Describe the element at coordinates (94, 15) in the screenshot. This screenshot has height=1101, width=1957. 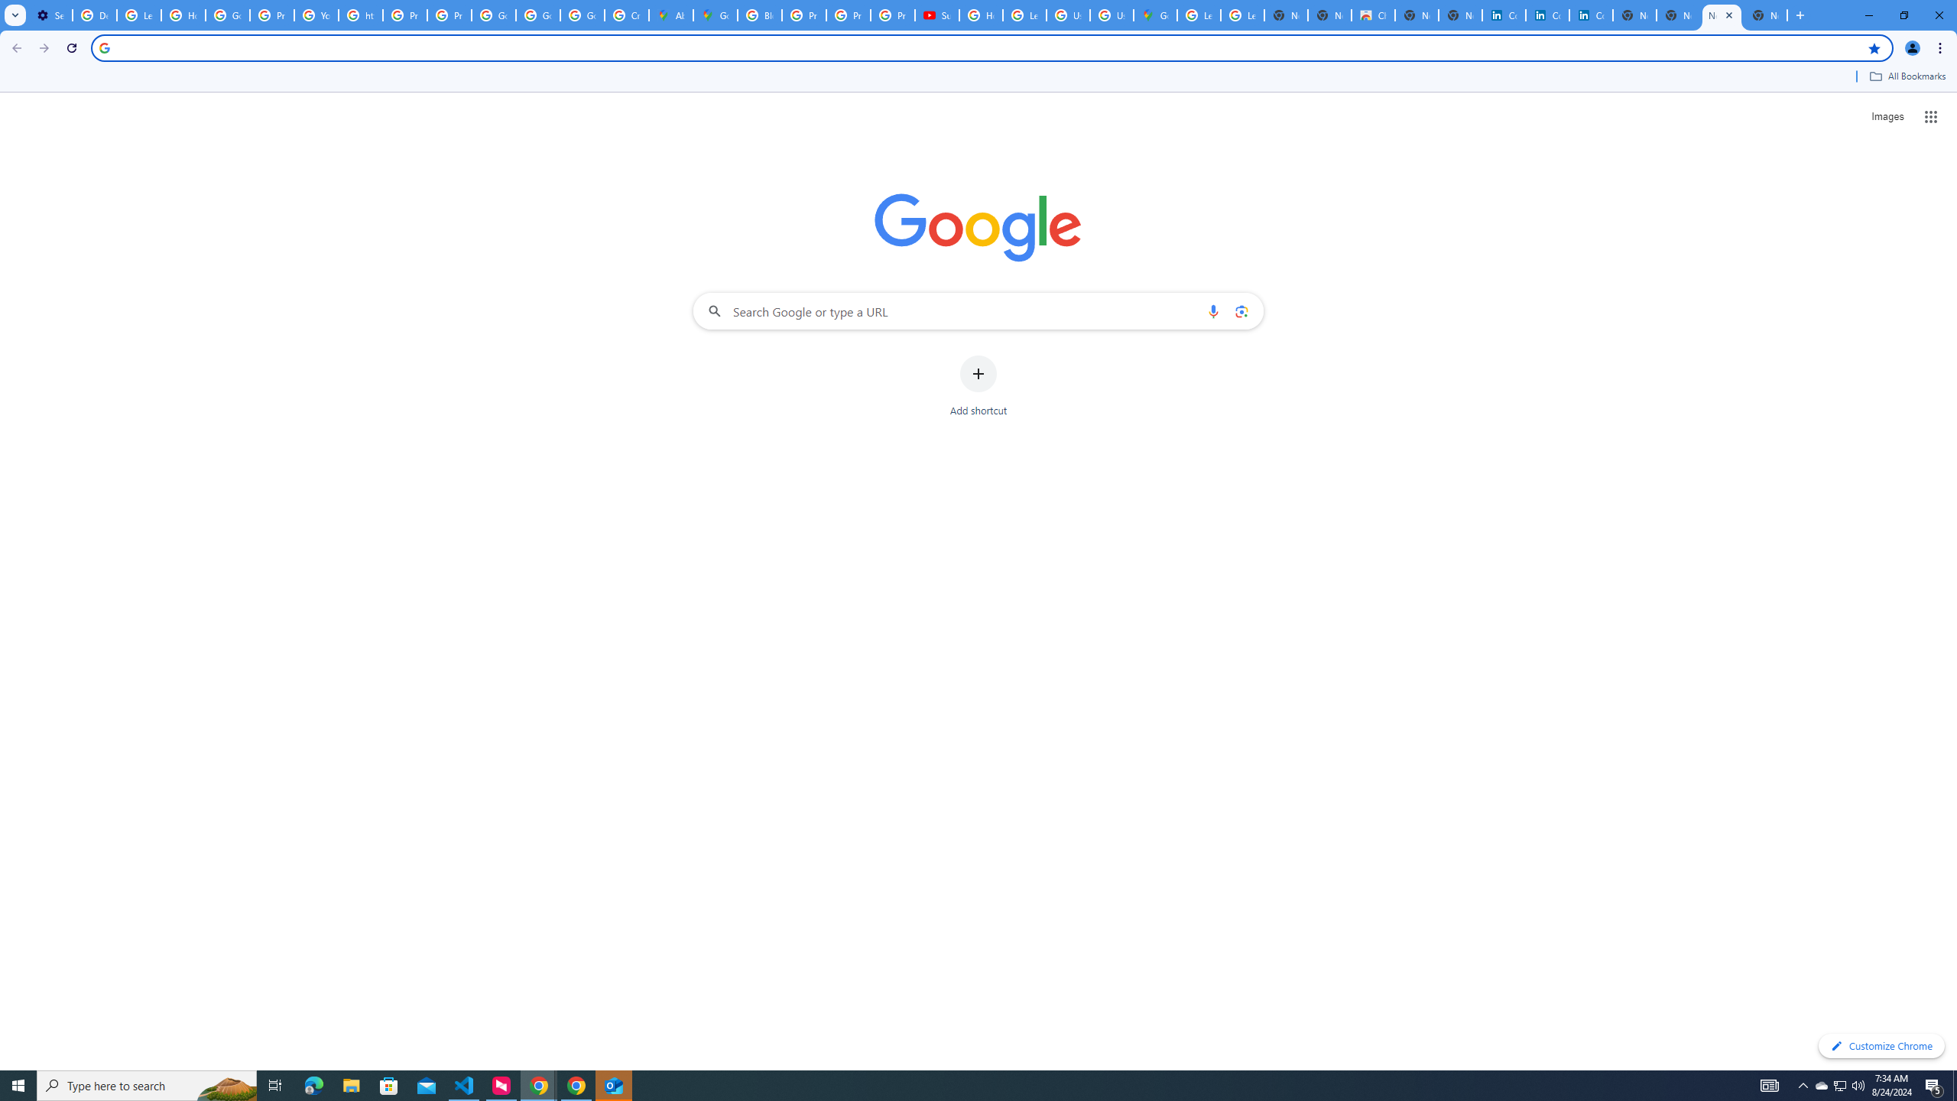
I see `'Delete photos & videos - Computer - Google Photos Help'` at that location.